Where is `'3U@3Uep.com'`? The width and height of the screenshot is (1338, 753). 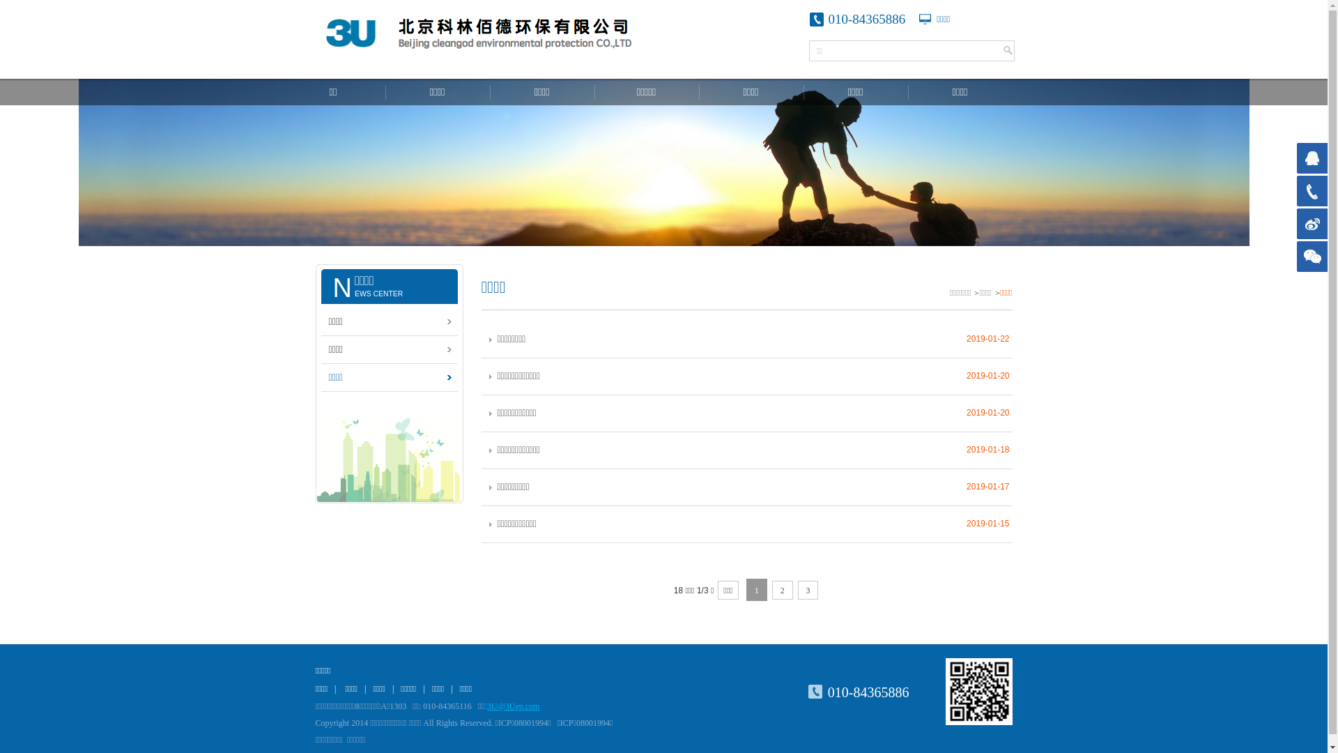
'3U@3Uep.com' is located at coordinates (487, 706).